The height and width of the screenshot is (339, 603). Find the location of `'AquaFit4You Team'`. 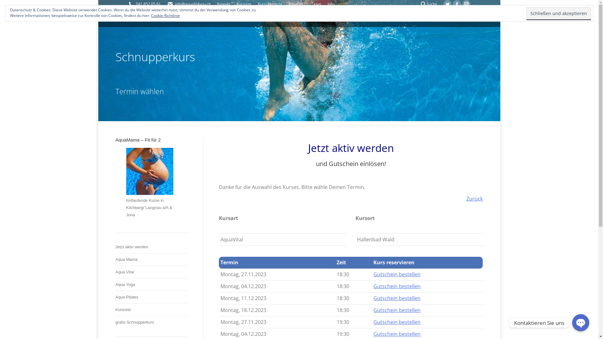

'AquaFit4You Team' is located at coordinates (305, 4).